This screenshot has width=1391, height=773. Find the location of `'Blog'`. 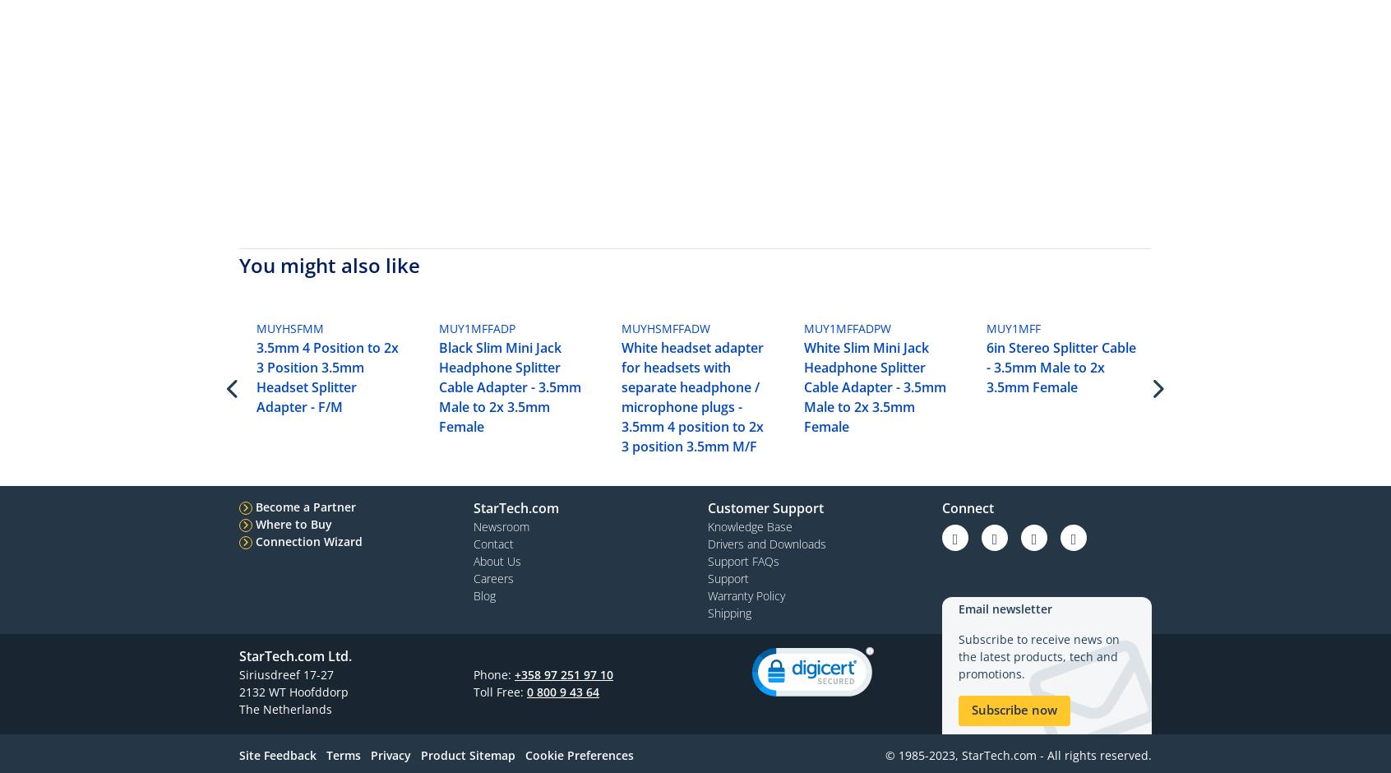

'Blog' is located at coordinates (483, 595).